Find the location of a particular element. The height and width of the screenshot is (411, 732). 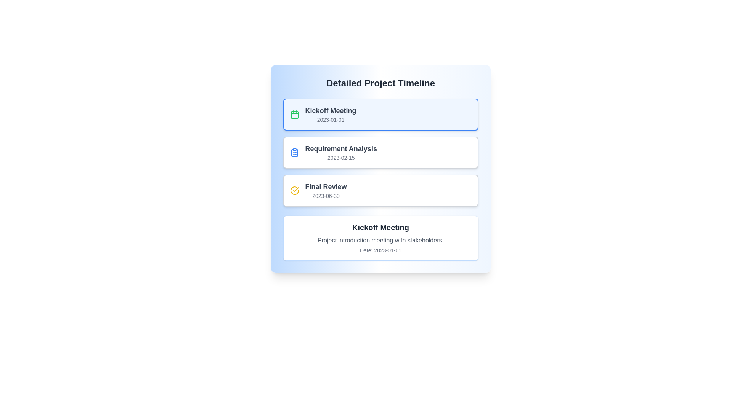

the second card in the vertical list of three cards in the 'Detailed Project Timeline' section is located at coordinates (380, 153).